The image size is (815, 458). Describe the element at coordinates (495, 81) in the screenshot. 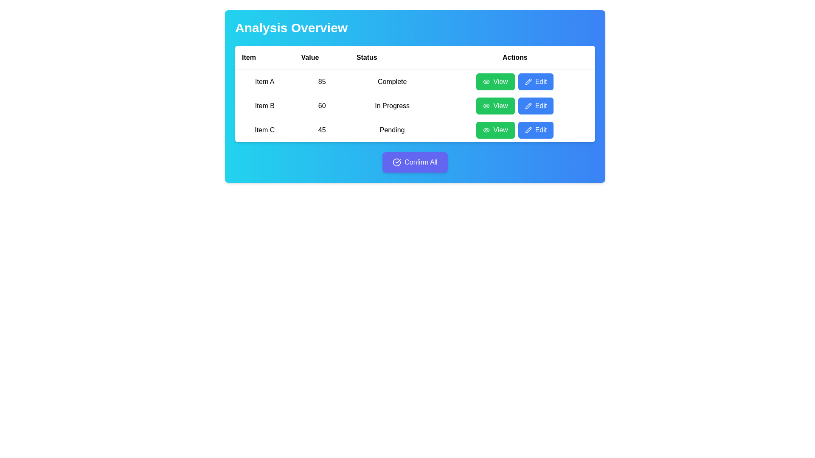

I see `the first button in the 'Actions' column of the first row in the table` at that location.